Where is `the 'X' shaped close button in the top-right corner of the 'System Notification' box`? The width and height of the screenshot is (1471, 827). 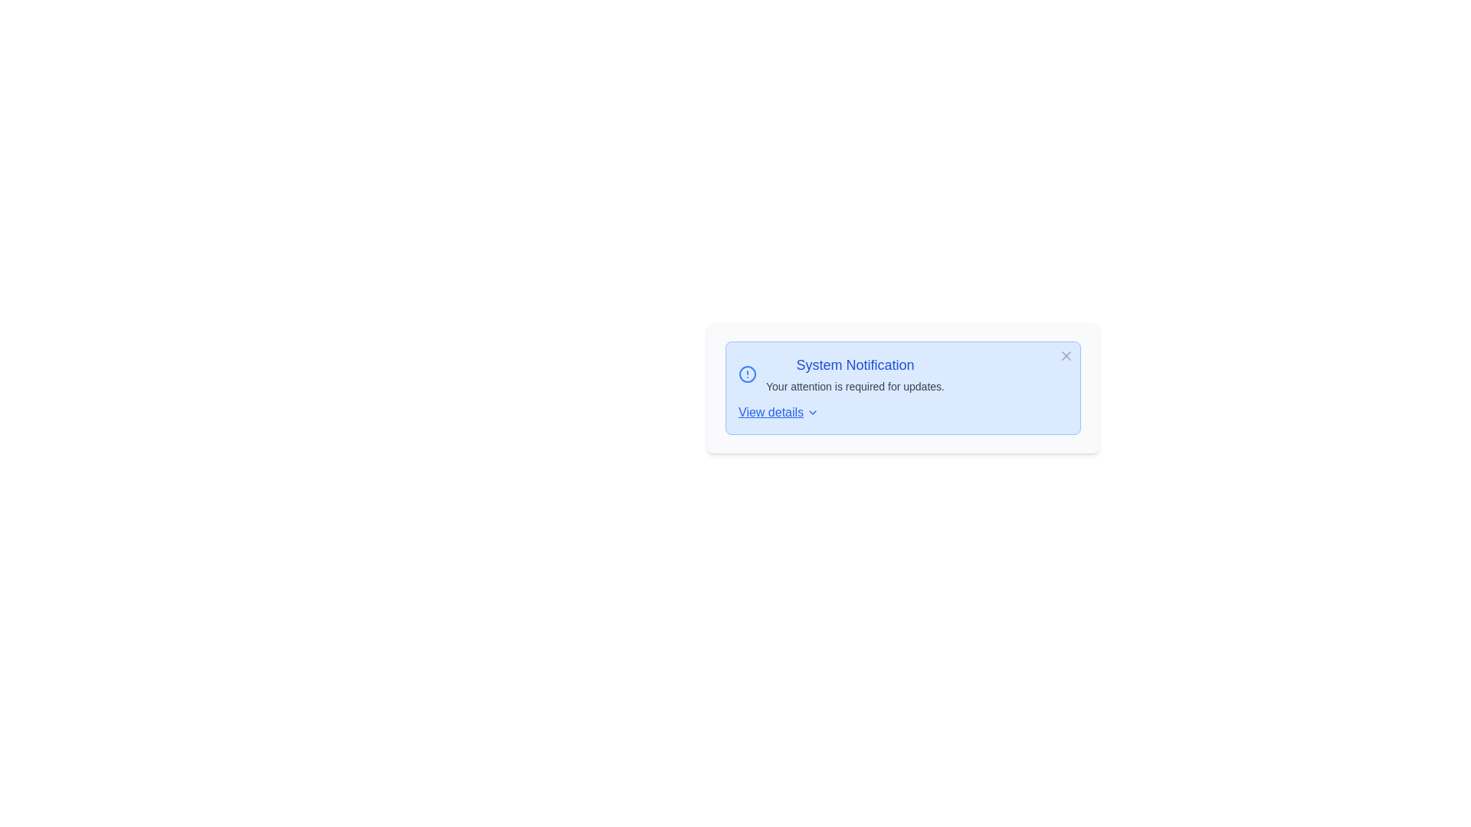
the 'X' shaped close button in the top-right corner of the 'System Notification' box is located at coordinates (1066, 356).